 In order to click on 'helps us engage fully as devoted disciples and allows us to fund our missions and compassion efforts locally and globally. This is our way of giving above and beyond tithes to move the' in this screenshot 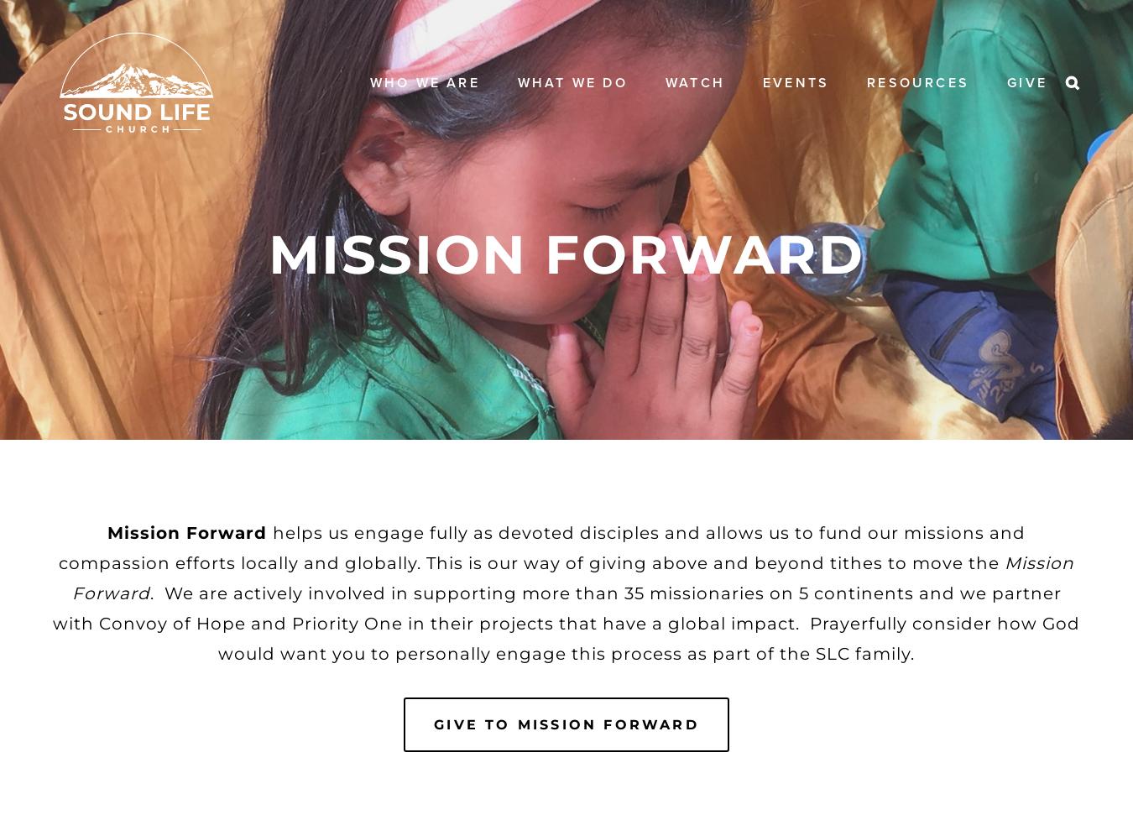, I will do `click(544, 547)`.